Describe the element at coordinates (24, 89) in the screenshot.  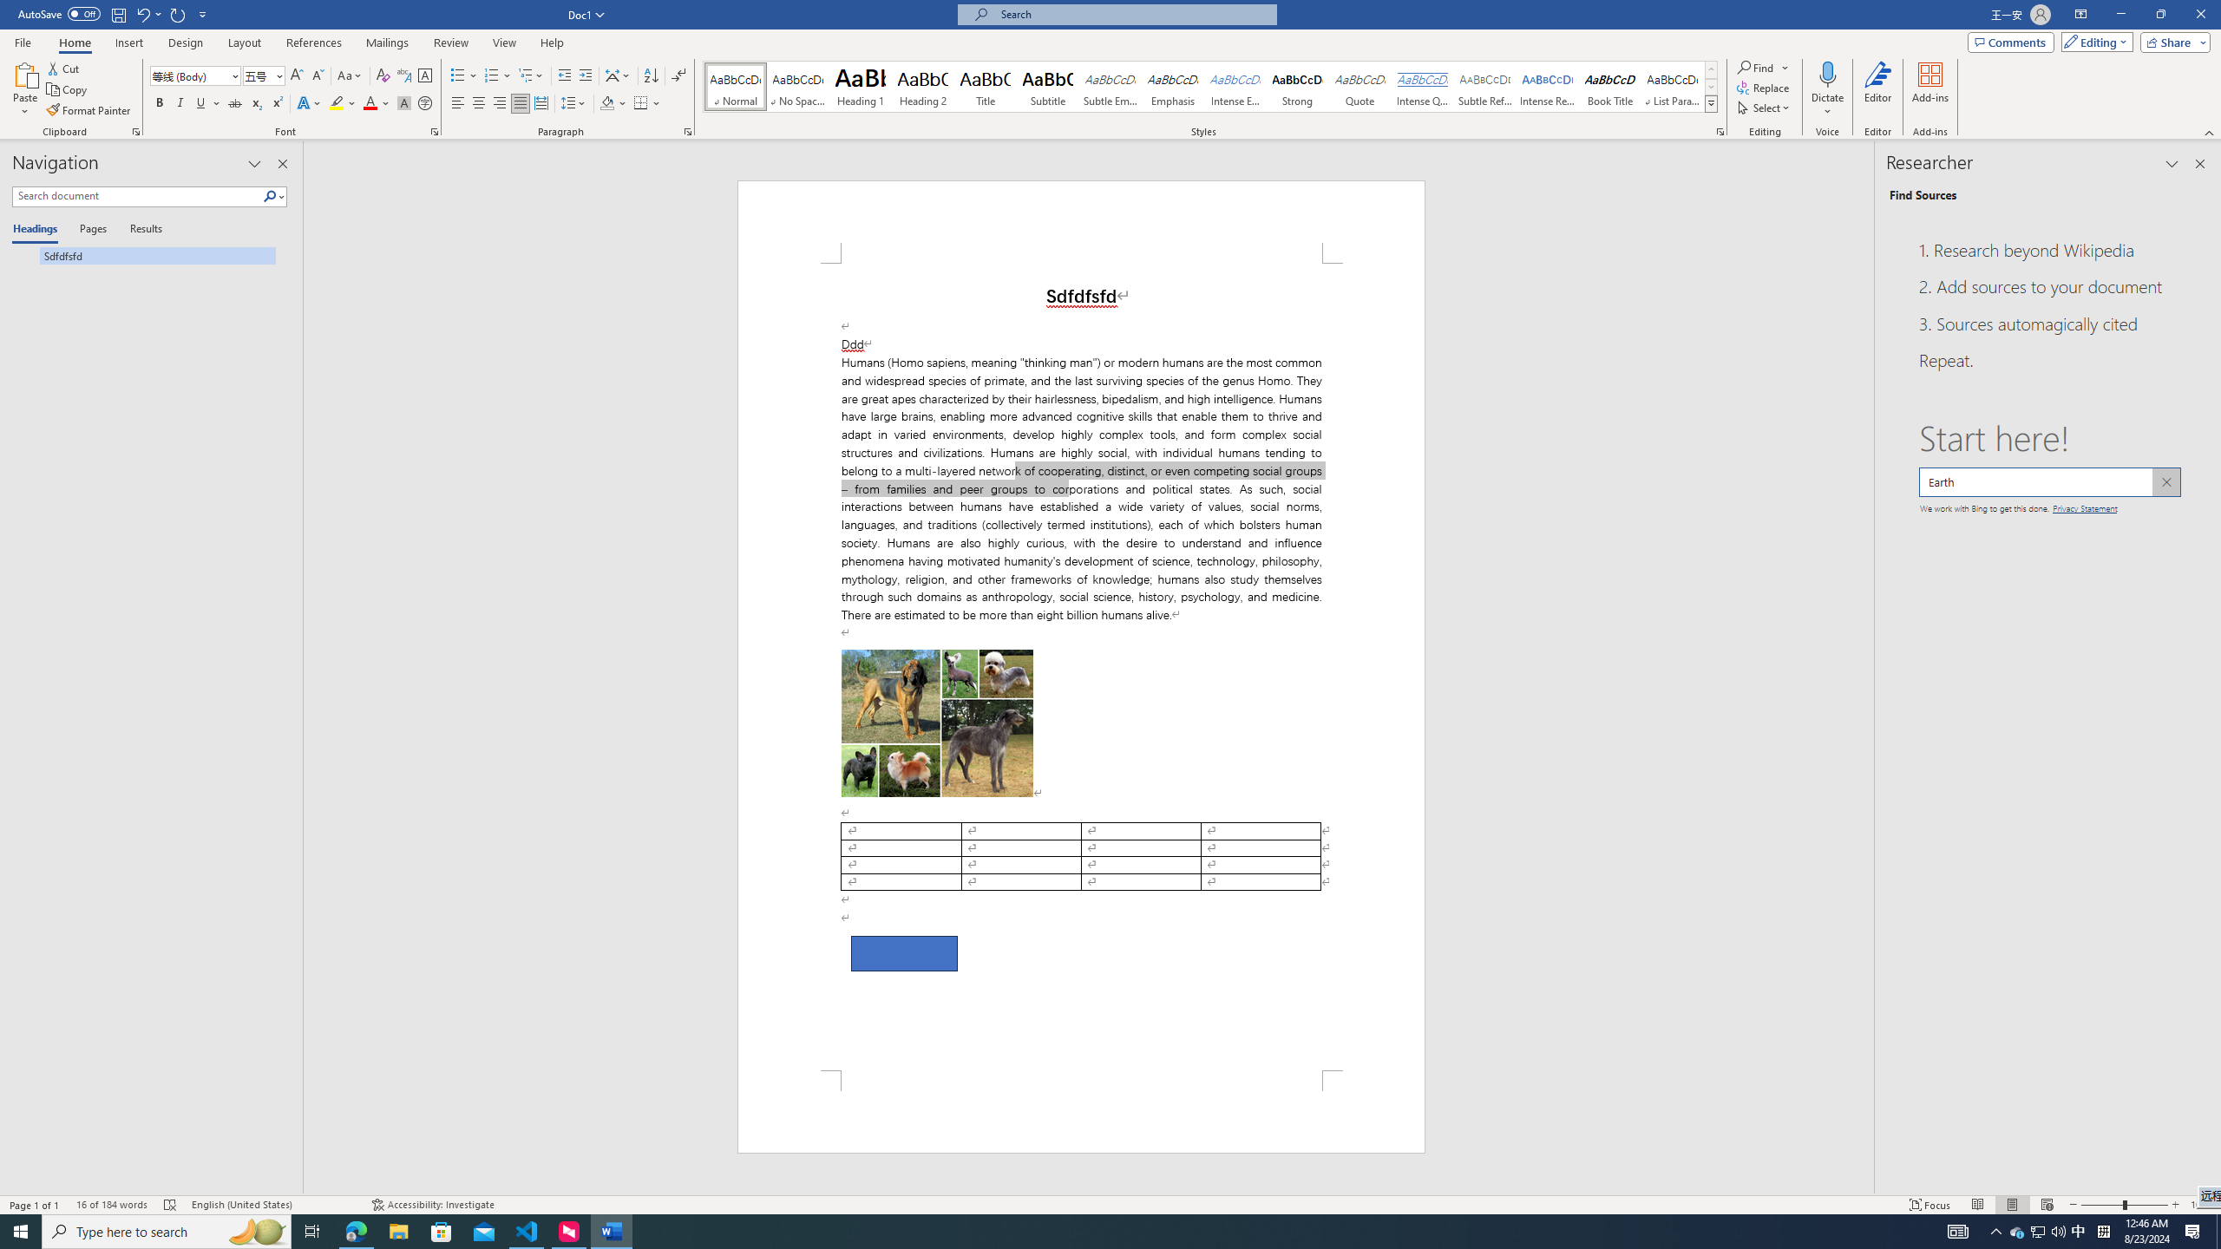
I see `'Paste'` at that location.